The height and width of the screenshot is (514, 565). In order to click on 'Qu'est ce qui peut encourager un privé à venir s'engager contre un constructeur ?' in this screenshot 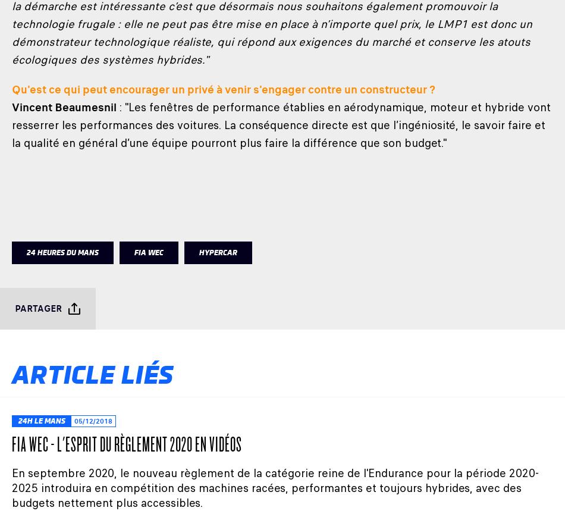, I will do `click(223, 89)`.